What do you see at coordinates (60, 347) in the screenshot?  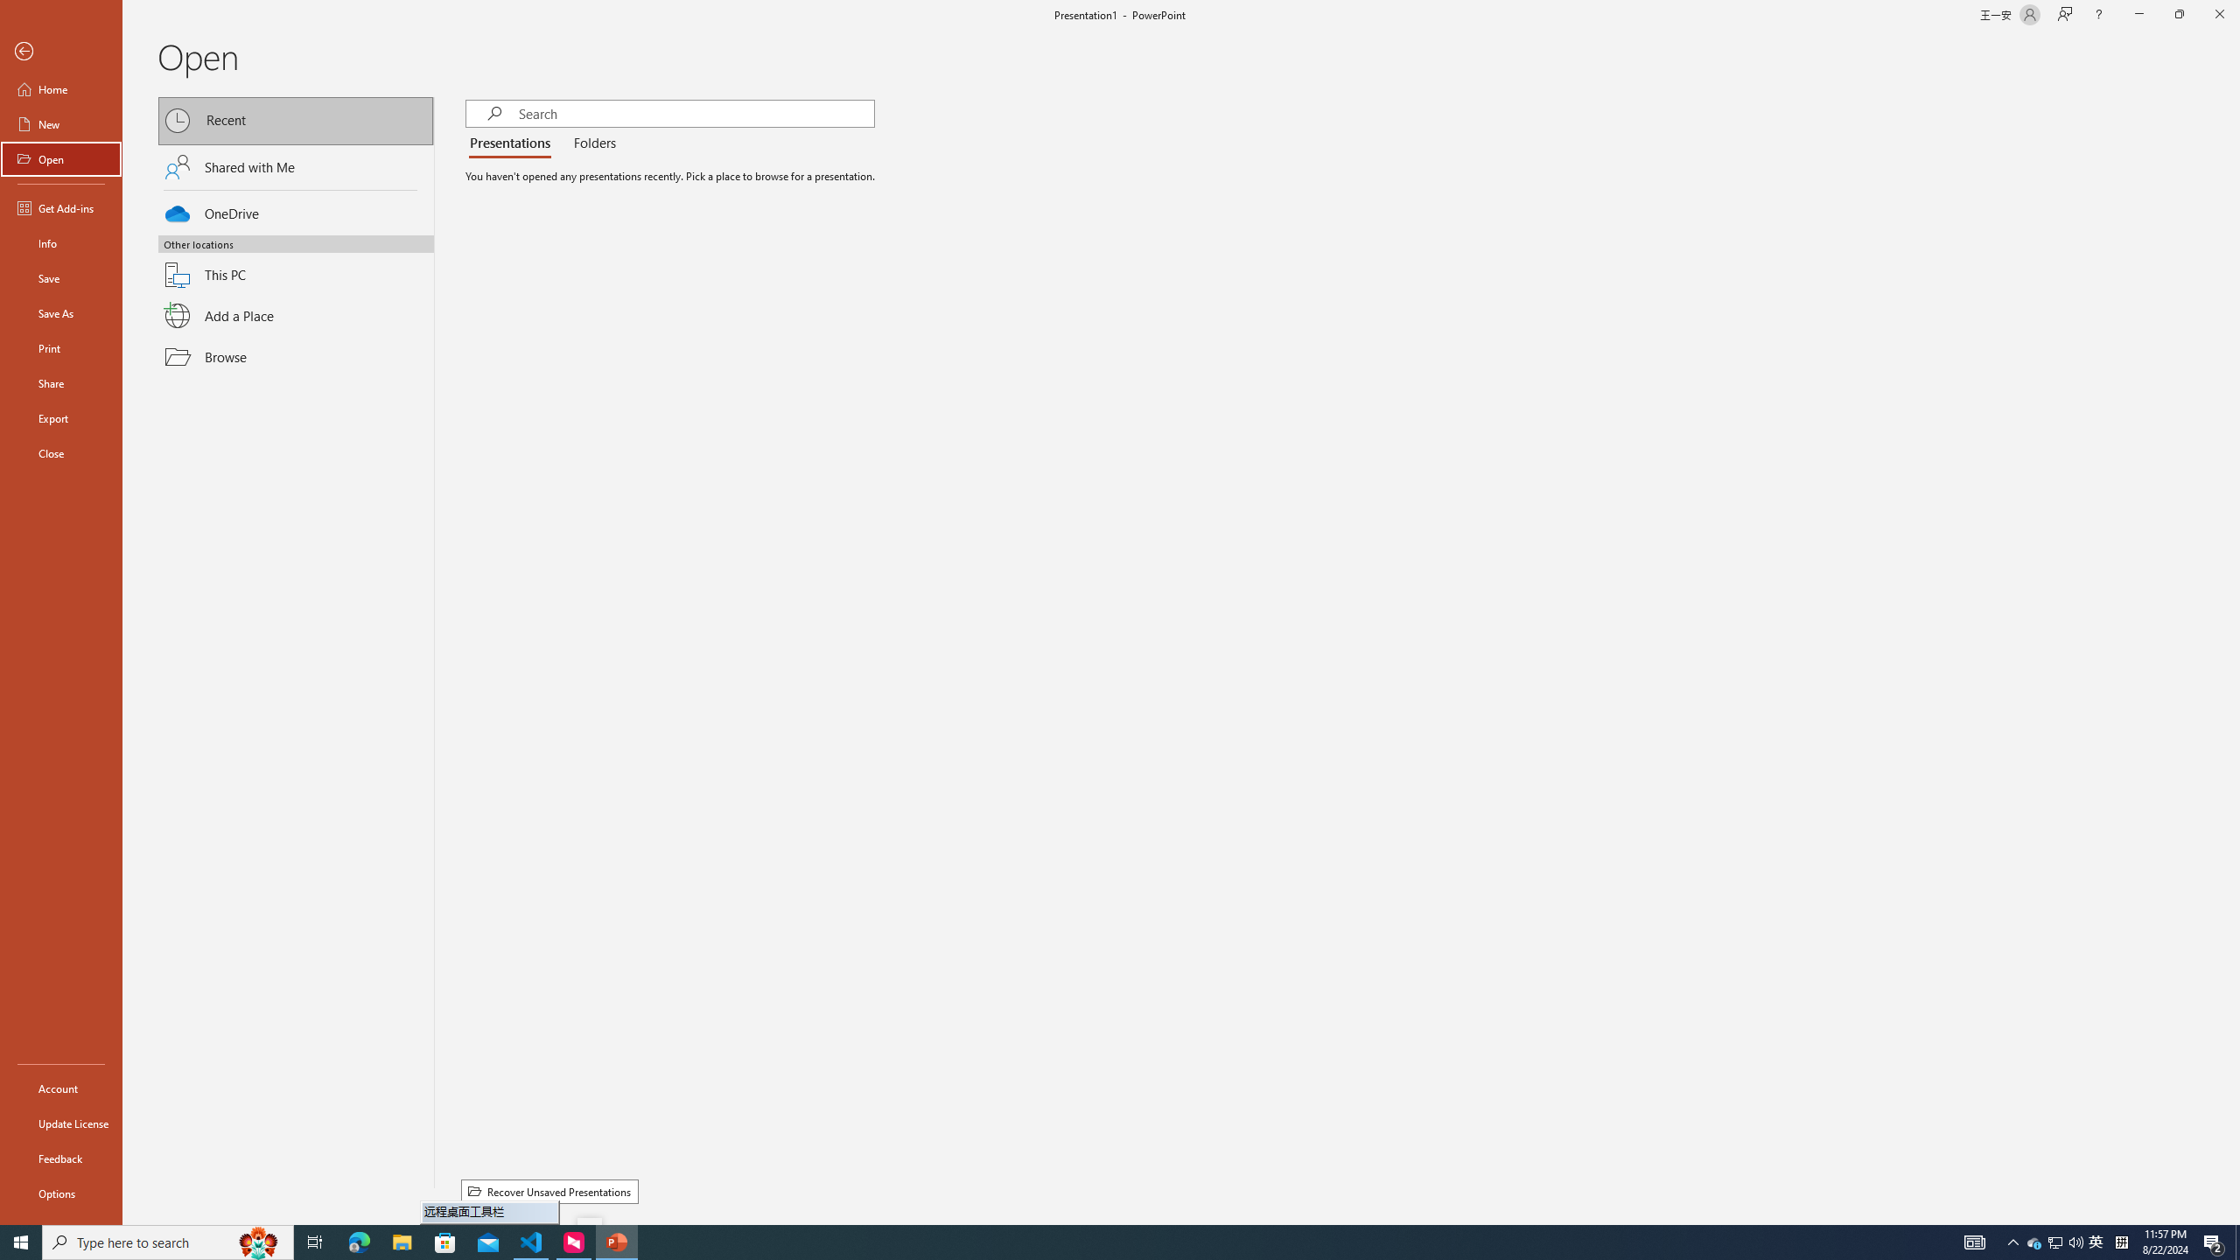 I see `'Print'` at bounding box center [60, 347].